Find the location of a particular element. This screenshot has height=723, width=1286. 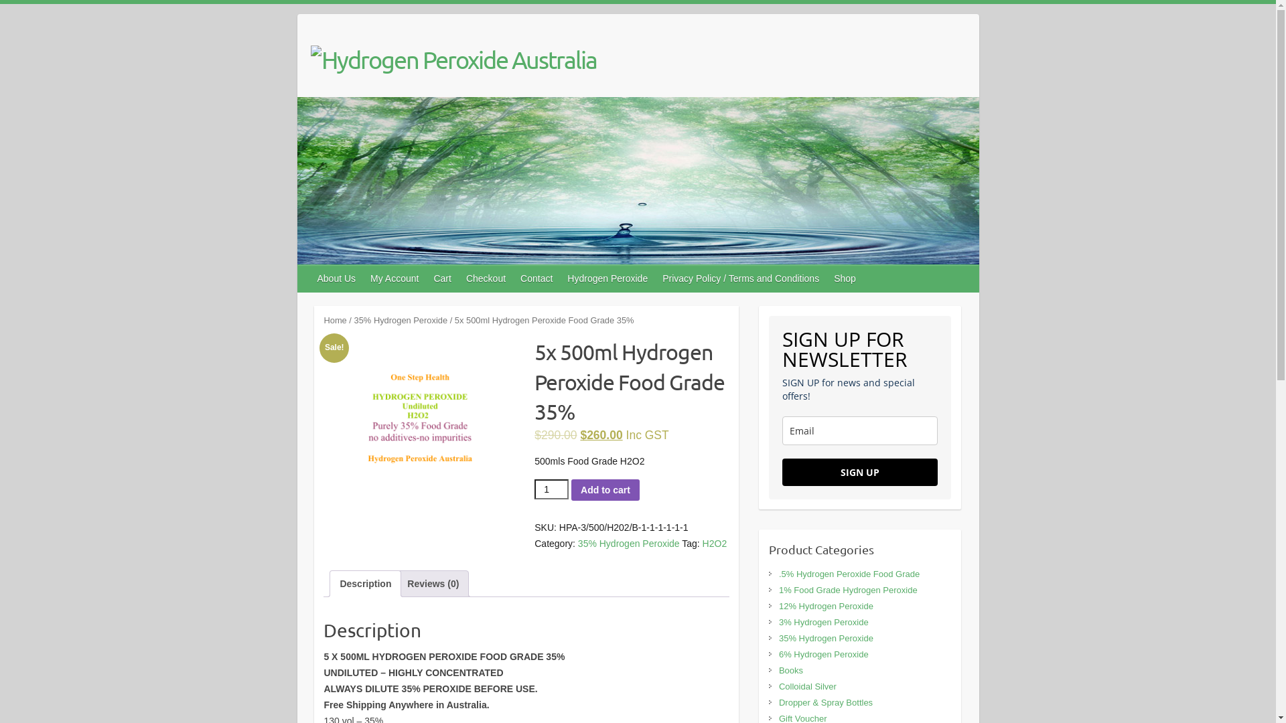

'Home' is located at coordinates (334, 320).